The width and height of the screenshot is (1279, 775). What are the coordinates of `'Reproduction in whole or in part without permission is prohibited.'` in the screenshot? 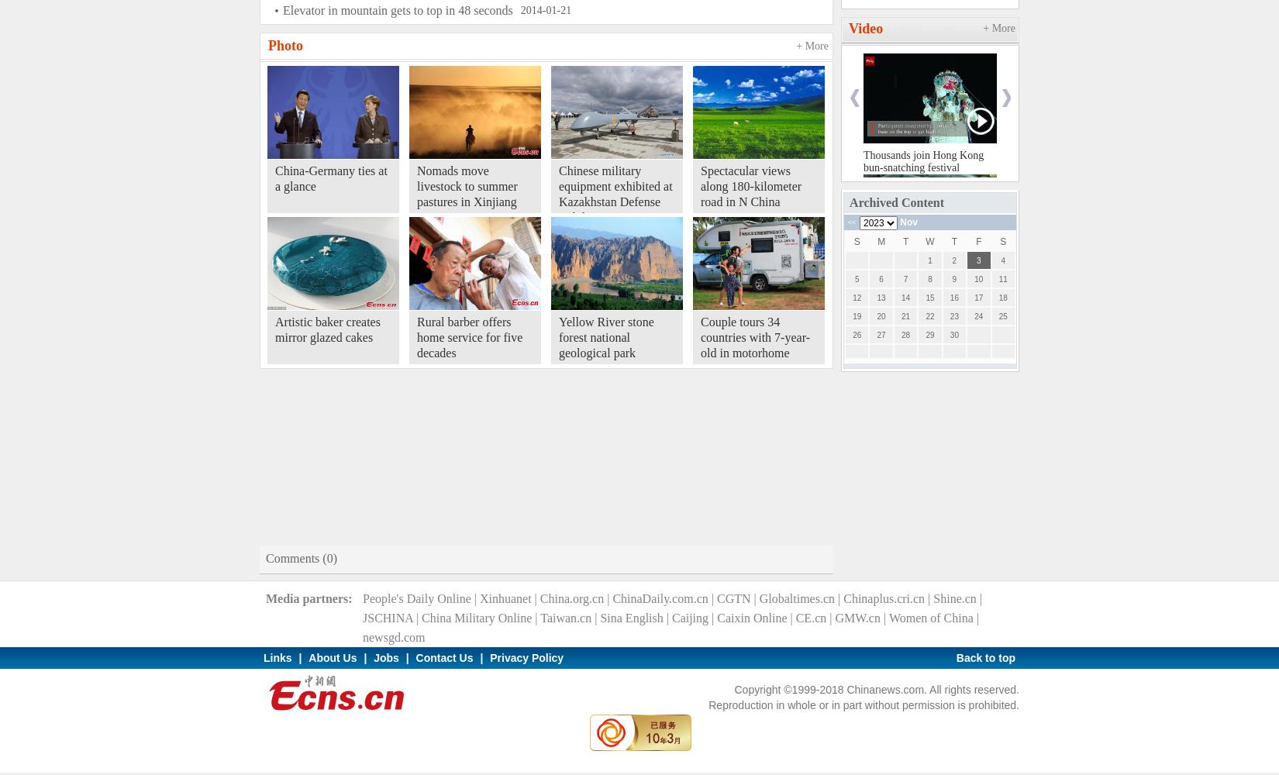 It's located at (864, 705).